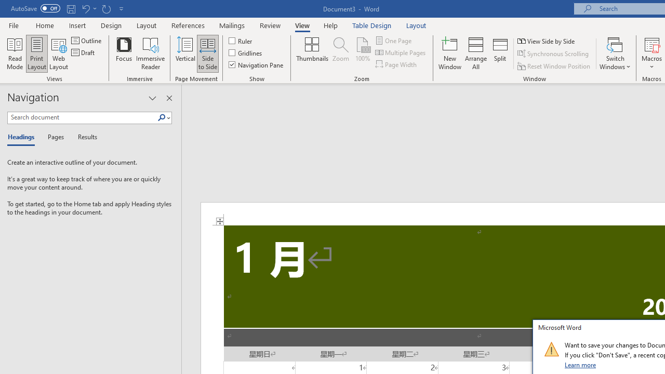 This screenshot has width=665, height=374. What do you see at coordinates (88, 8) in the screenshot?
I see `'Undo Increase Indent'` at bounding box center [88, 8].